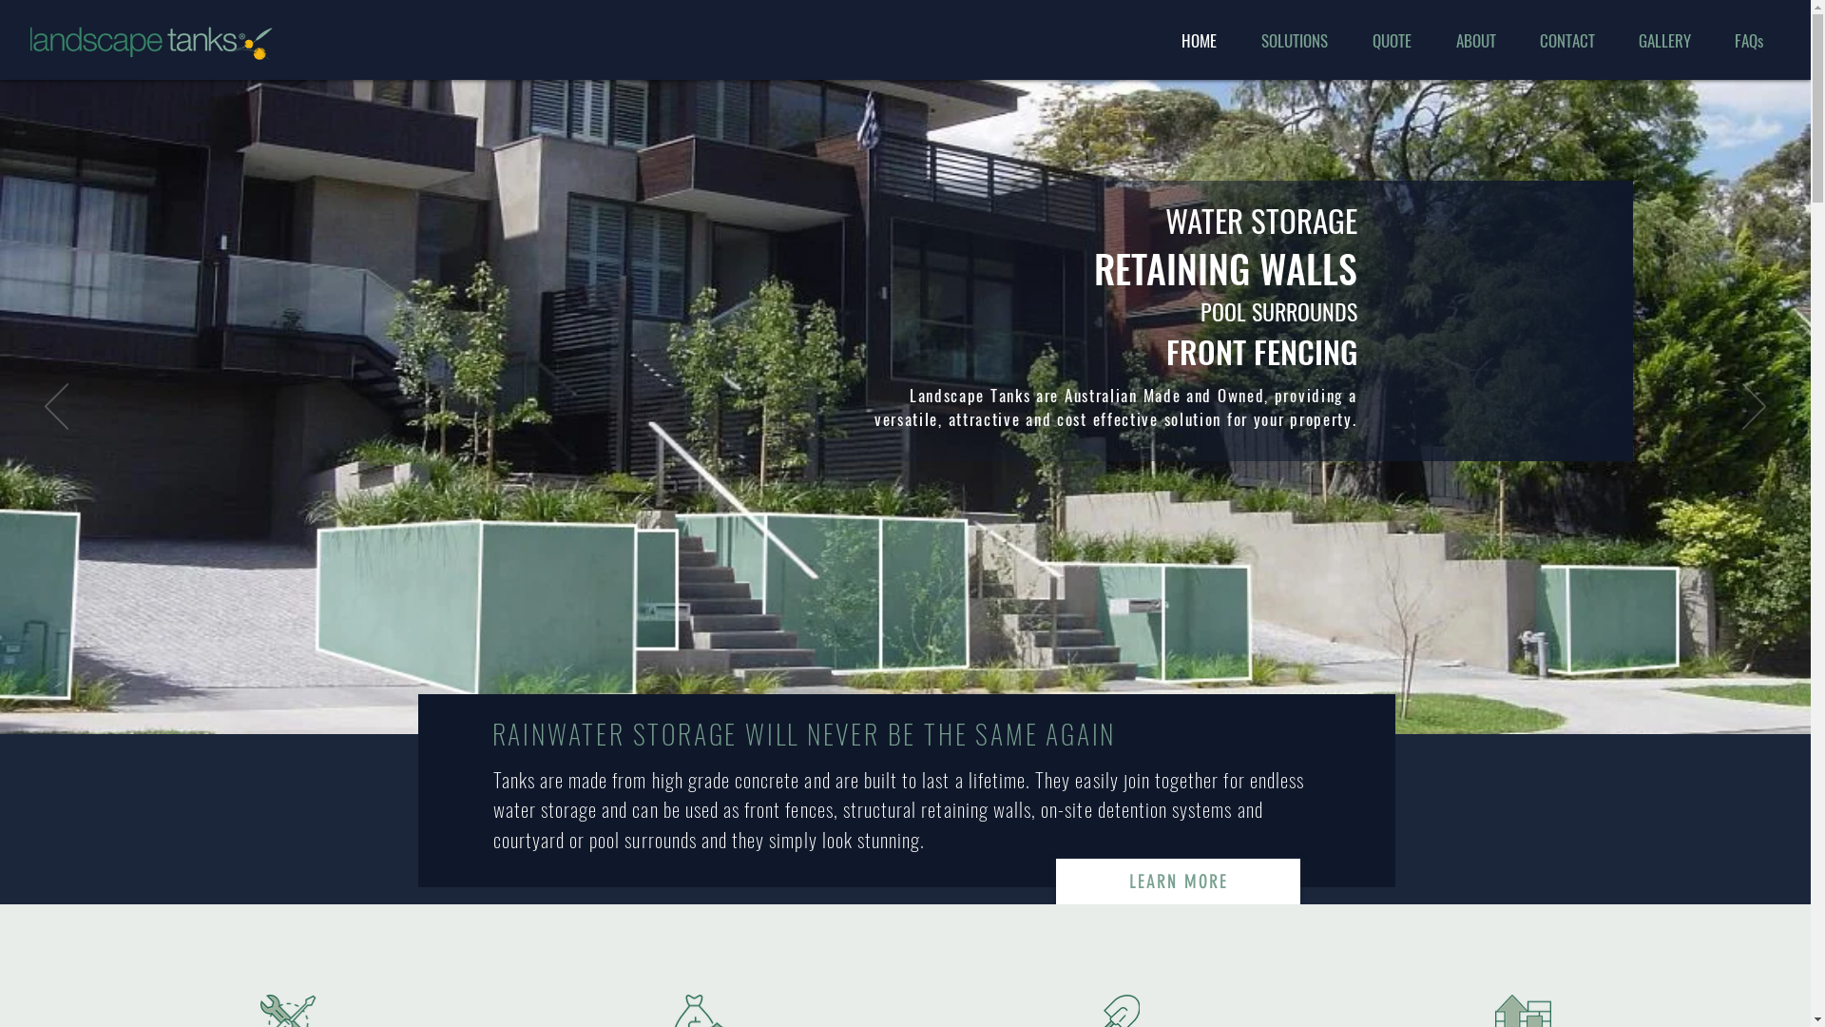 The width and height of the screenshot is (1825, 1027). Describe the element at coordinates (1748, 40) in the screenshot. I see `'FAQs'` at that location.